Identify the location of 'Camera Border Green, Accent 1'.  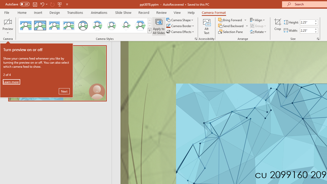
(168, 26).